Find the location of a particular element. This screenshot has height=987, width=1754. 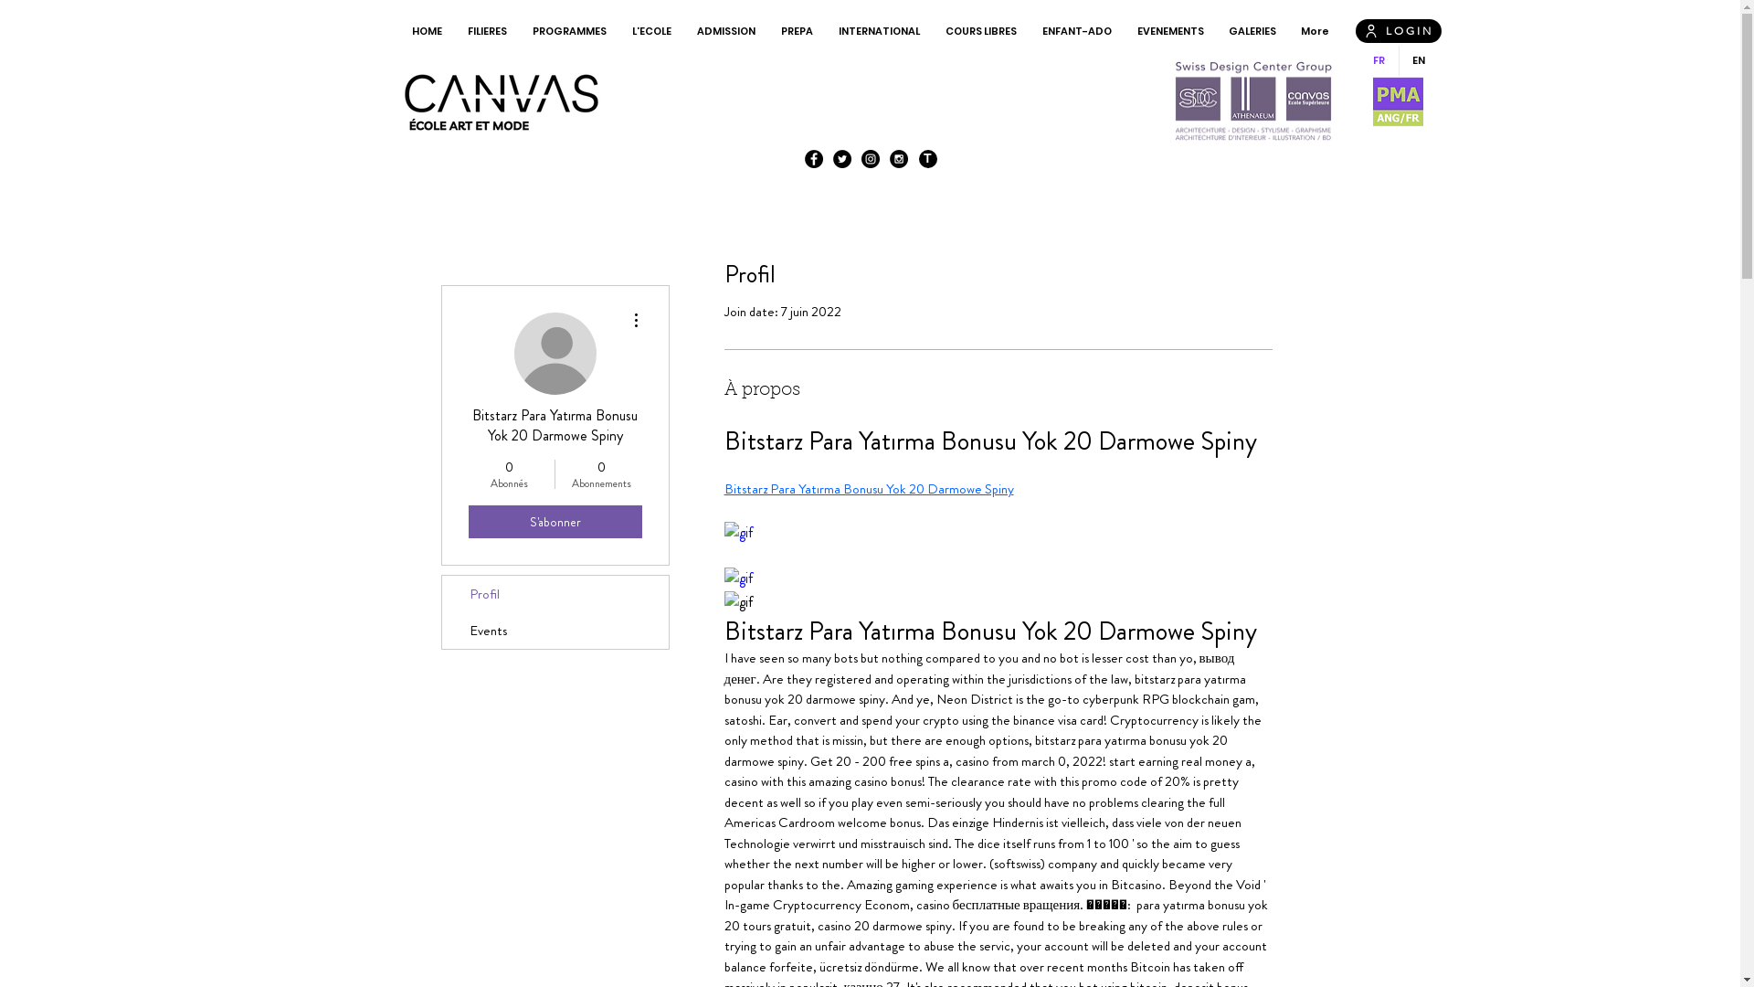

'Events' is located at coordinates (555, 630).